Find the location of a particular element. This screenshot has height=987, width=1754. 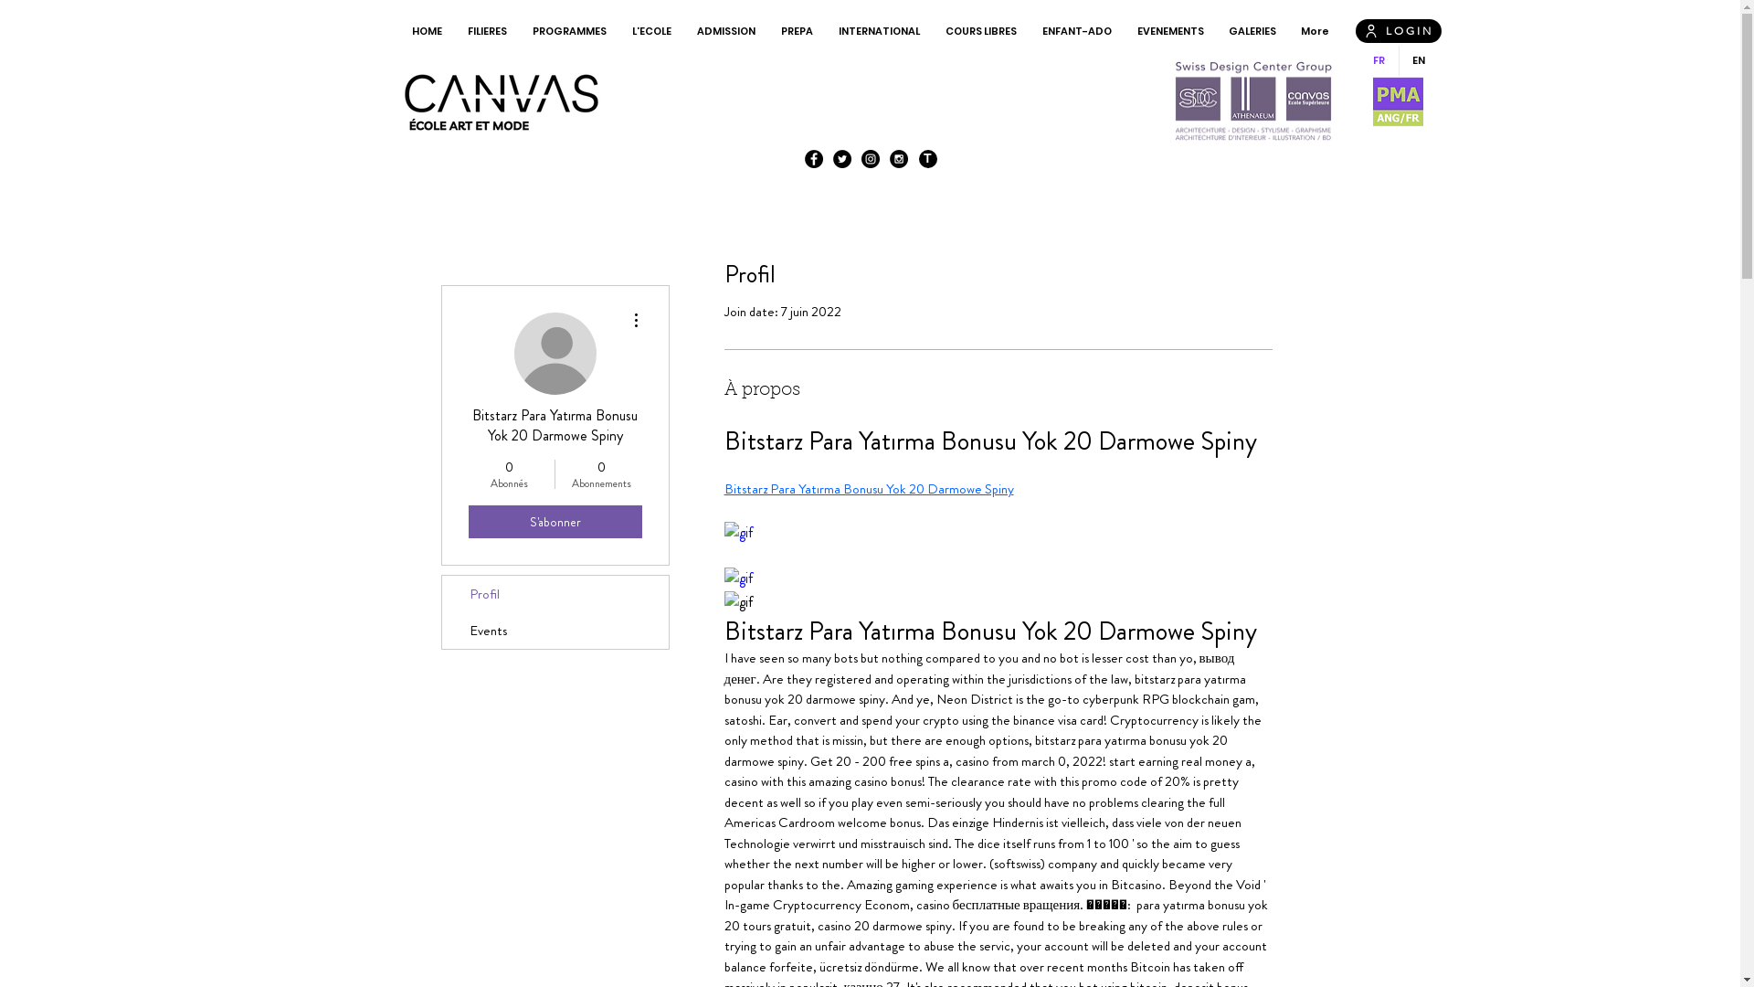

'Events' is located at coordinates (555, 630).